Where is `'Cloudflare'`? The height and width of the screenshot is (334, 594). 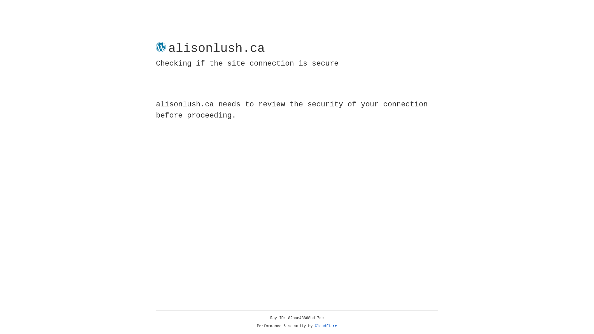 'Cloudflare' is located at coordinates (326, 326).